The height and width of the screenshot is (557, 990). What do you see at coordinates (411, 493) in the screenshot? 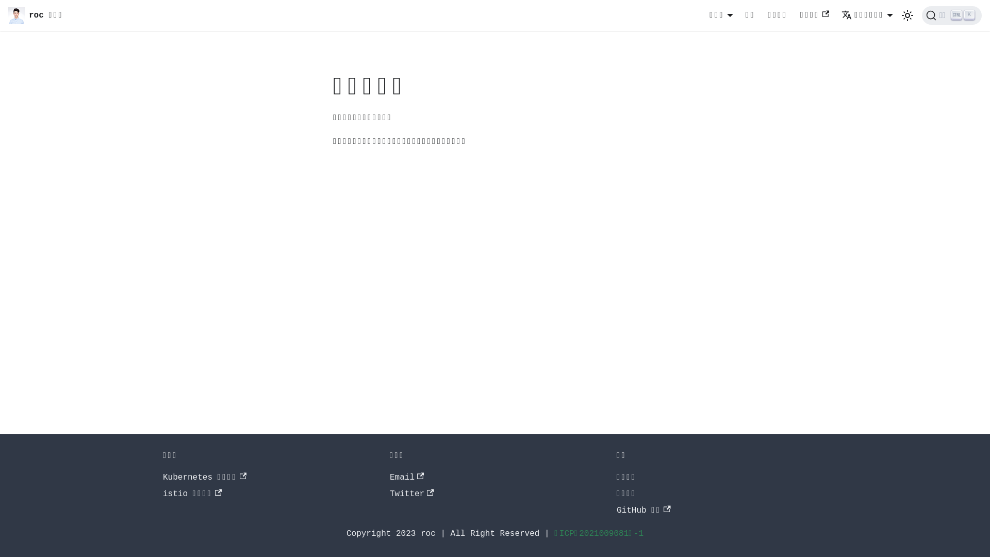
I see `'Twitter'` at bounding box center [411, 493].